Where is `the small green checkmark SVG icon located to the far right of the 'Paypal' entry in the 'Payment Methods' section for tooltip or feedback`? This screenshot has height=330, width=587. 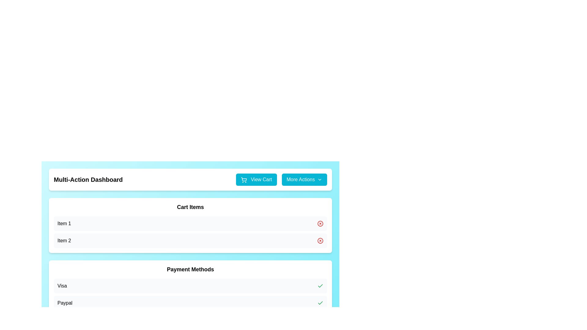
the small green checkmark SVG icon located to the far right of the 'Paypal' entry in the 'Payment Methods' section for tooltip or feedback is located at coordinates (320, 303).